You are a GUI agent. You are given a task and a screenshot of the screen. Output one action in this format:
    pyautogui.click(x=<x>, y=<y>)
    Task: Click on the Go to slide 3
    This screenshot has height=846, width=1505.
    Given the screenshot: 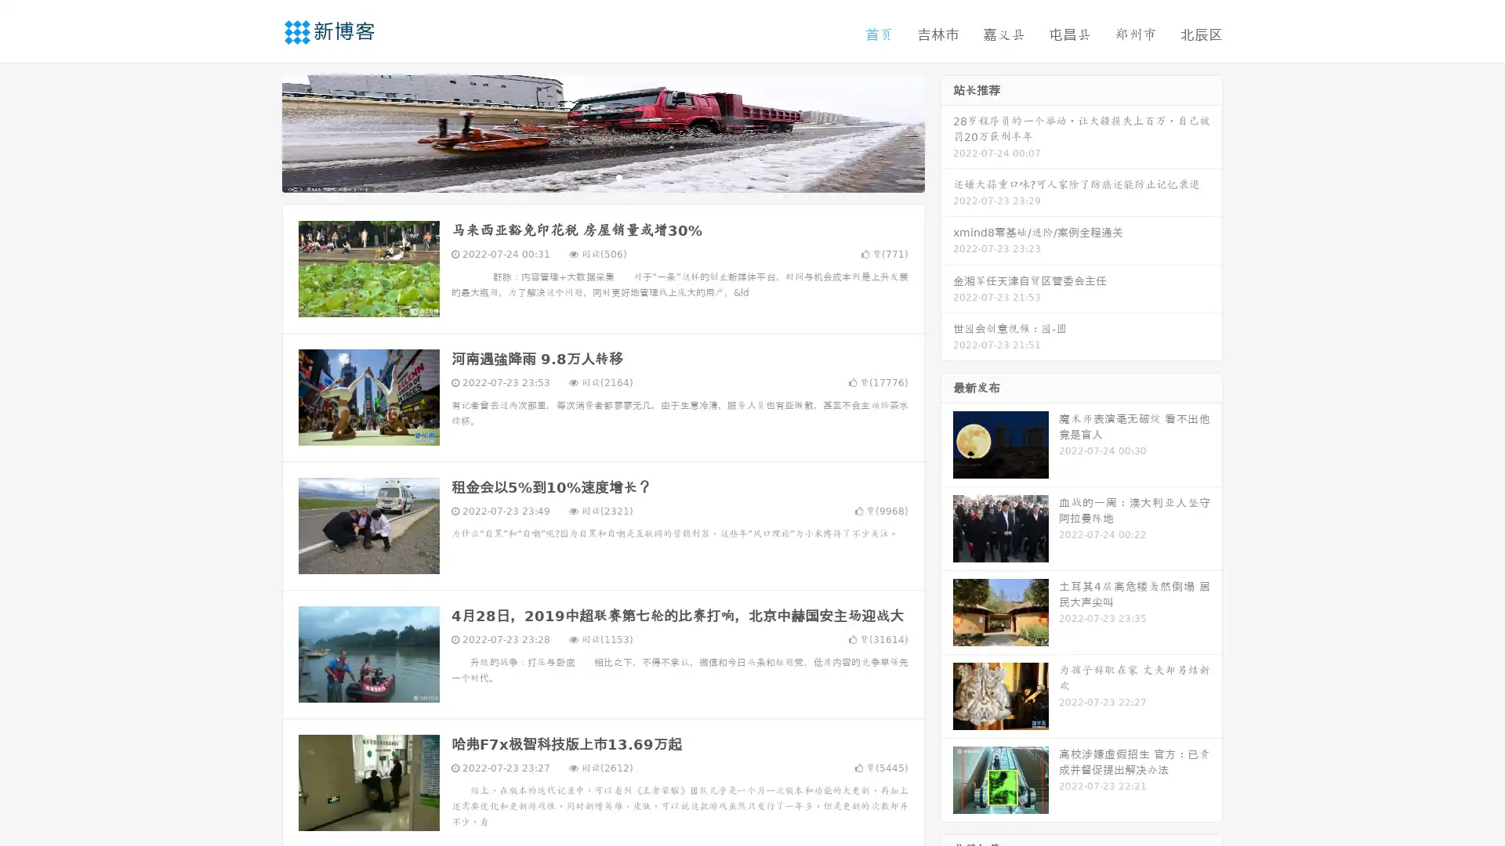 What is the action you would take?
    pyautogui.click(x=618, y=176)
    